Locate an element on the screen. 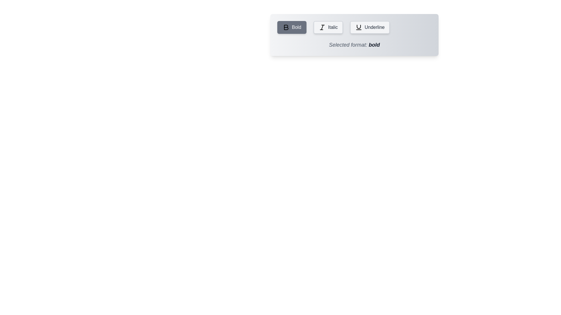 This screenshot has width=561, height=315. the Underline button to select the corresponding text formatting option is located at coordinates (370, 27).